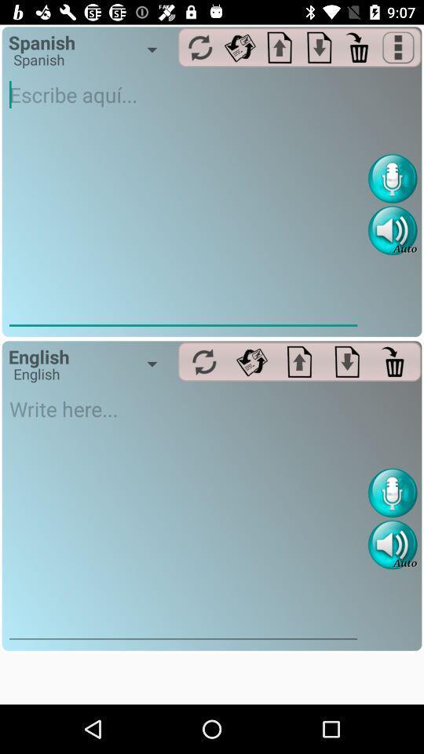 Image resolution: width=424 pixels, height=754 pixels. Describe the element at coordinates (392, 178) in the screenshot. I see `record button` at that location.